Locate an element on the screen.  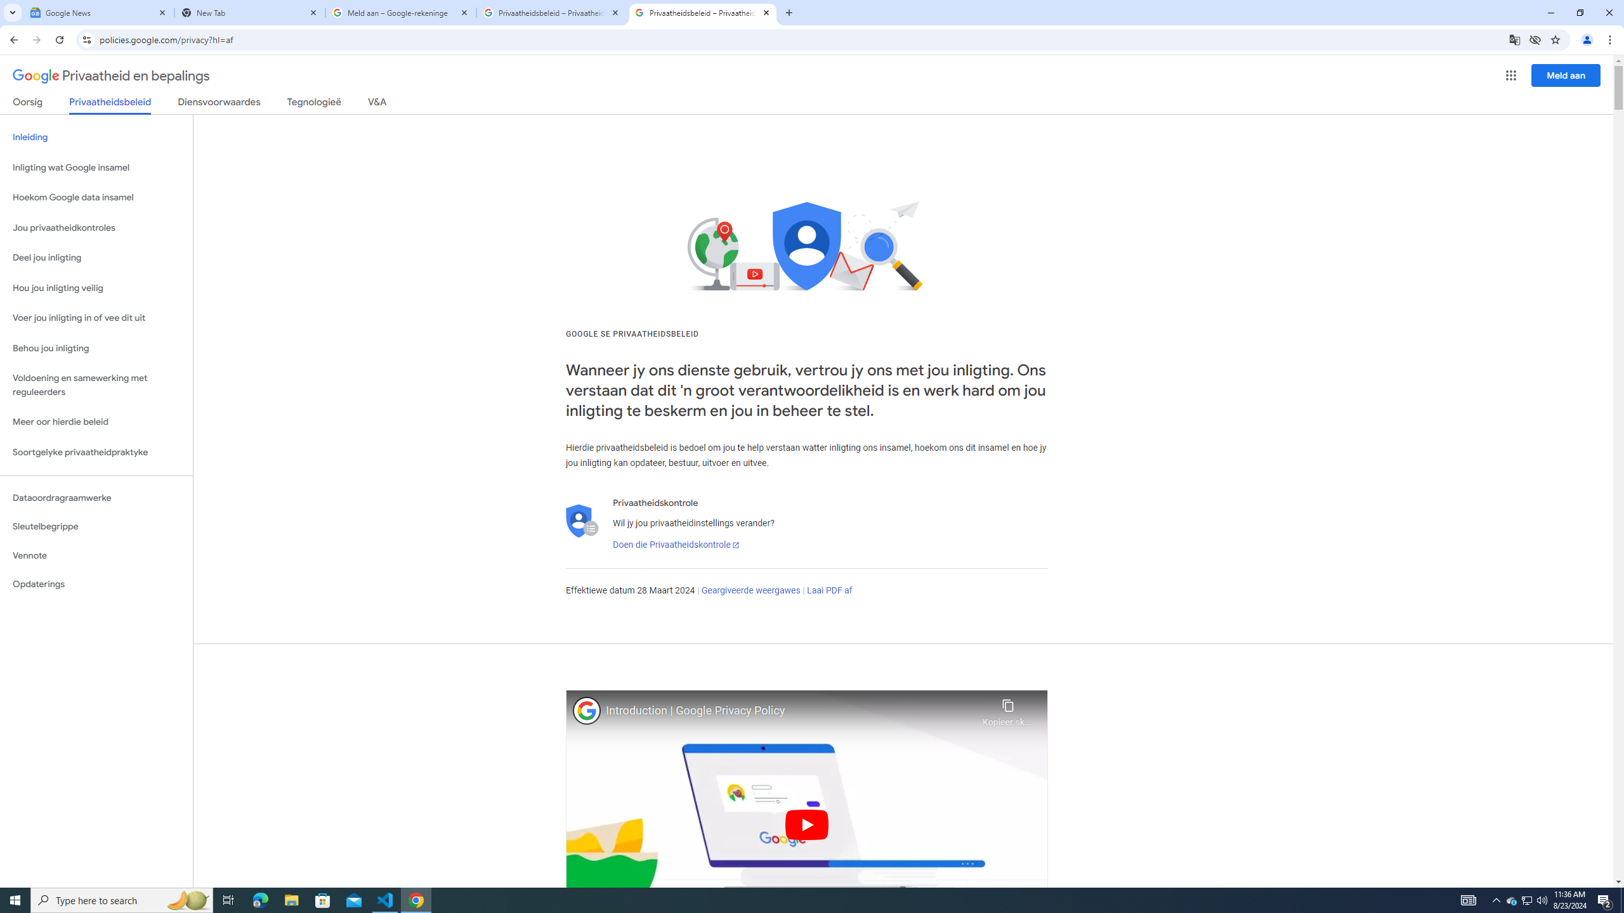
'You' is located at coordinates (1587, 39).